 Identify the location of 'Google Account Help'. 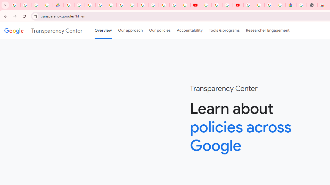
(217, 5).